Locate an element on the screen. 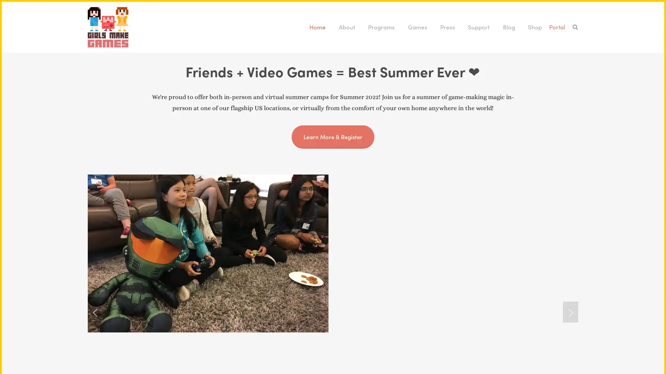 This screenshot has height=374, width=666. Next Slide is located at coordinates (571, 312).